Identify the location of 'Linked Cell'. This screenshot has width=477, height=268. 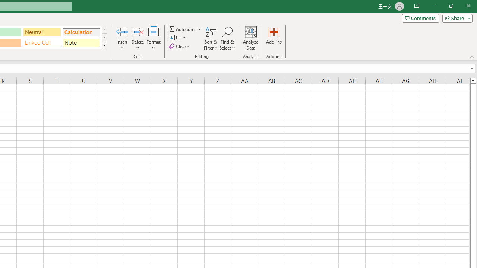
(42, 42).